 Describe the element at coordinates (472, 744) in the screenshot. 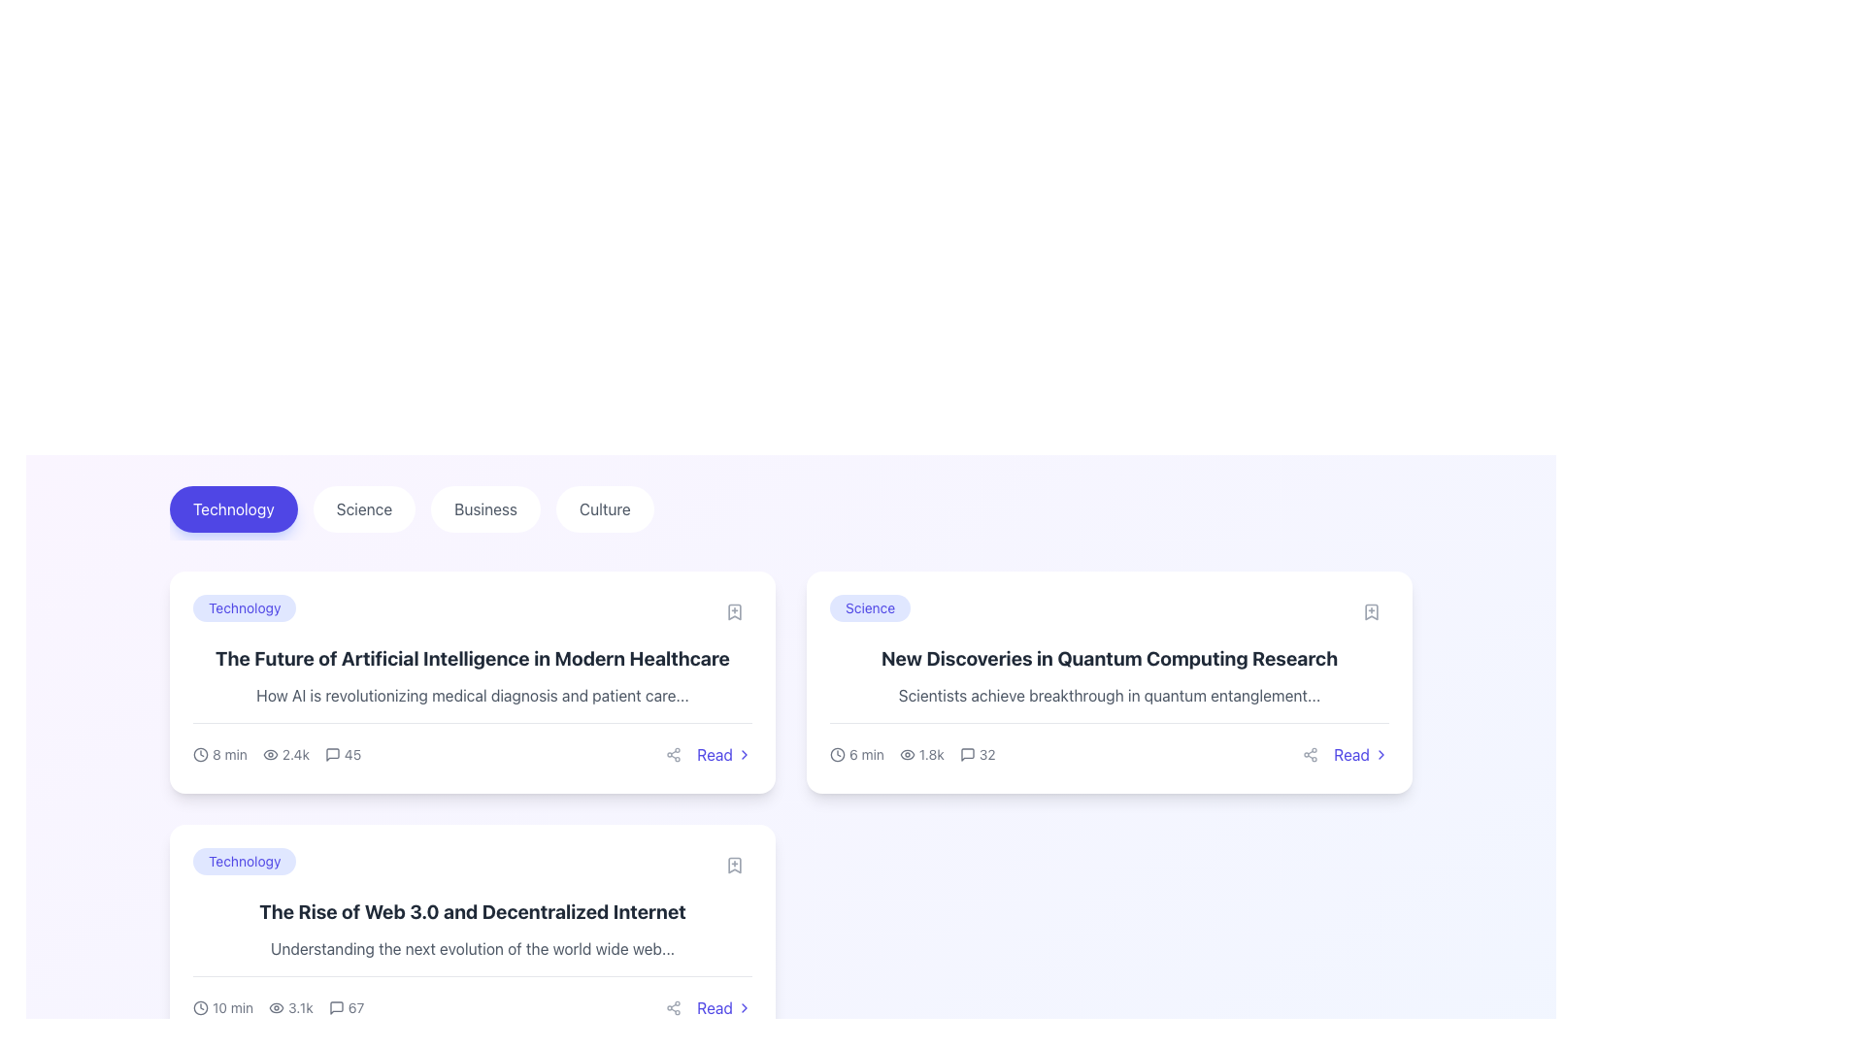

I see `the metadata section at the bottom of the card titled 'The Future of Artificial Intelligence in Modern Healthcare' to focus on the respective data` at that location.